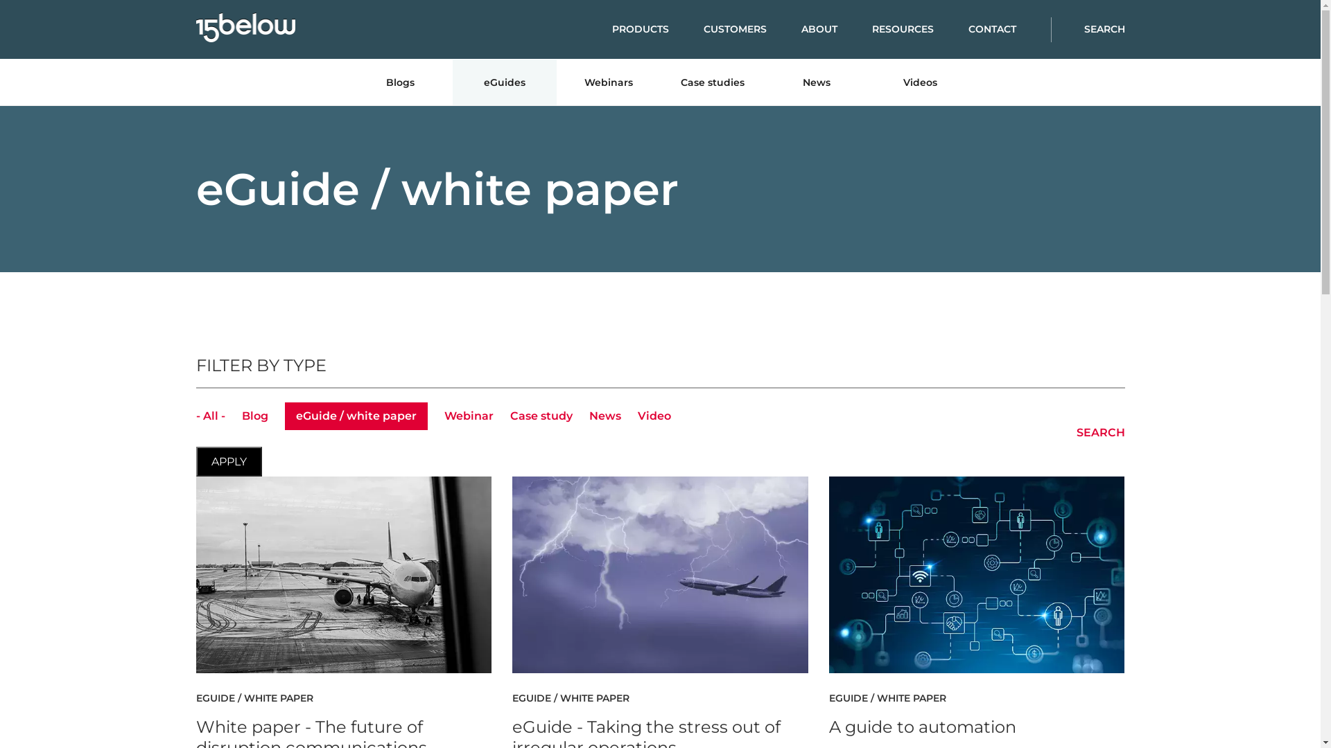  I want to click on 'Webinars', so click(608, 82).